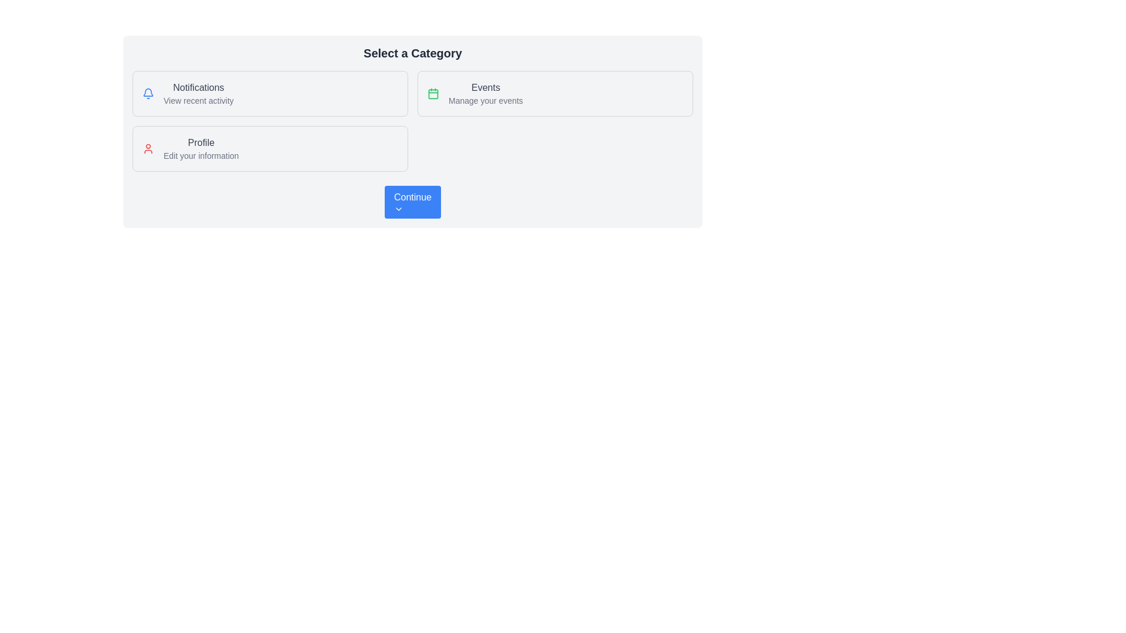  I want to click on the second Clickable card component in the grid, so click(554, 93).